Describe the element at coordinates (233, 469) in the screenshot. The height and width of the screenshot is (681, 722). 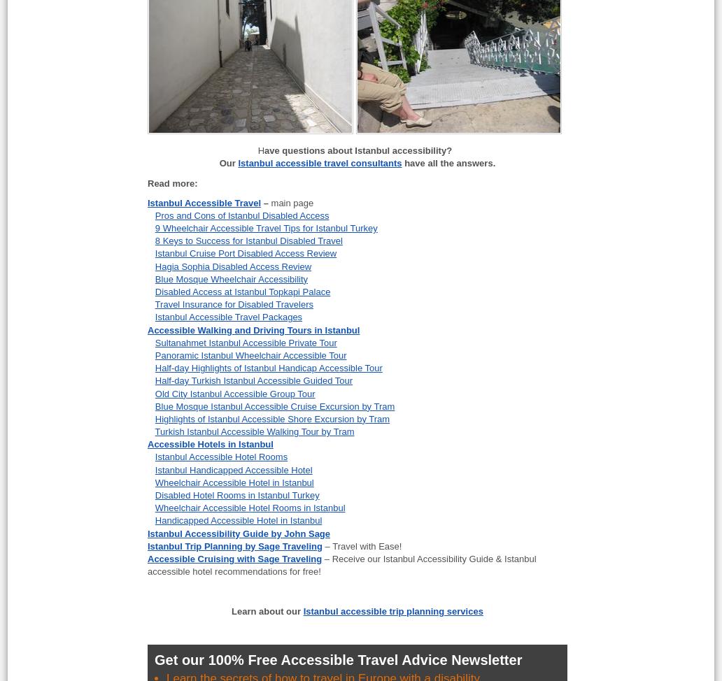
I see `'Istanbul Handicapped Accessible Hotel'` at that location.